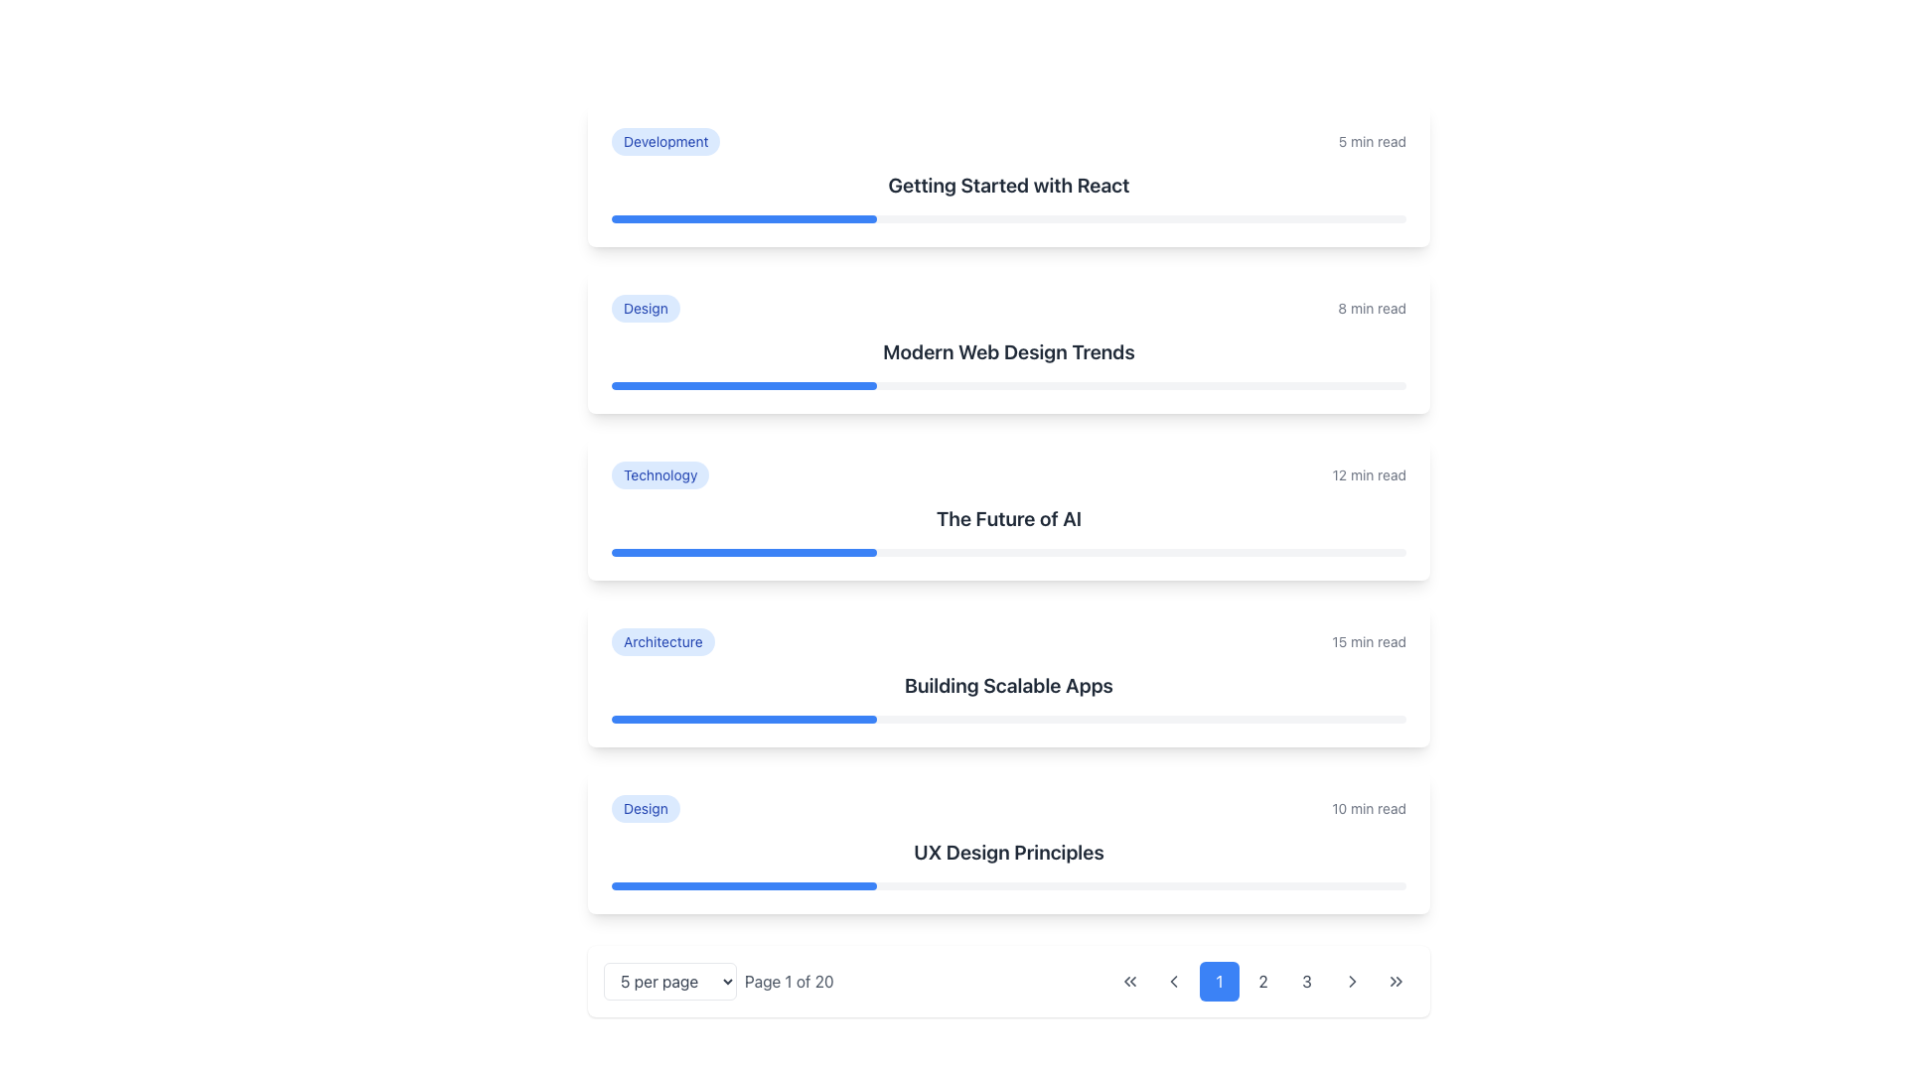 The height and width of the screenshot is (1072, 1907). I want to click on the progress bar located beneath the title 'Modern Web Design Trends' to gauge its current progress visually, so click(1009, 386).